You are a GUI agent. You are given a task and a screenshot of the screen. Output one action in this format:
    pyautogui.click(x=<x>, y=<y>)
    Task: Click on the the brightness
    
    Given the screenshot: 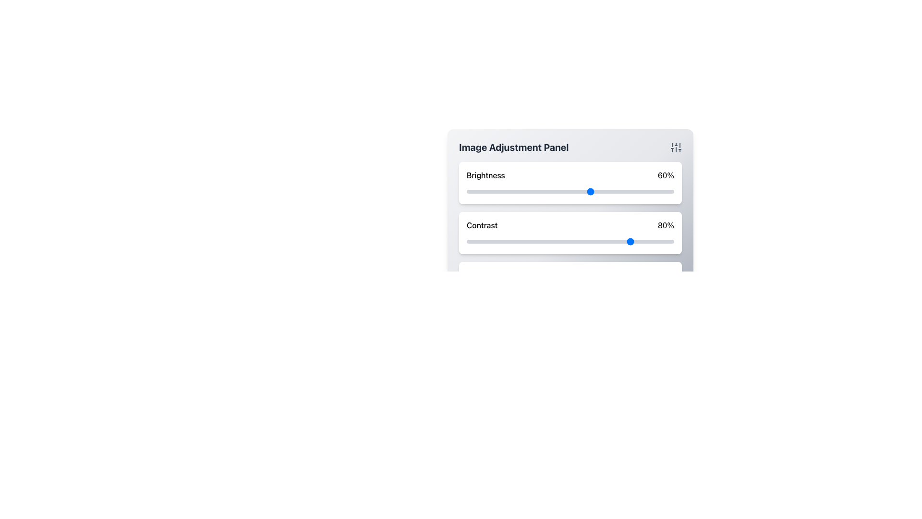 What is the action you would take?
    pyautogui.click(x=506, y=191)
    